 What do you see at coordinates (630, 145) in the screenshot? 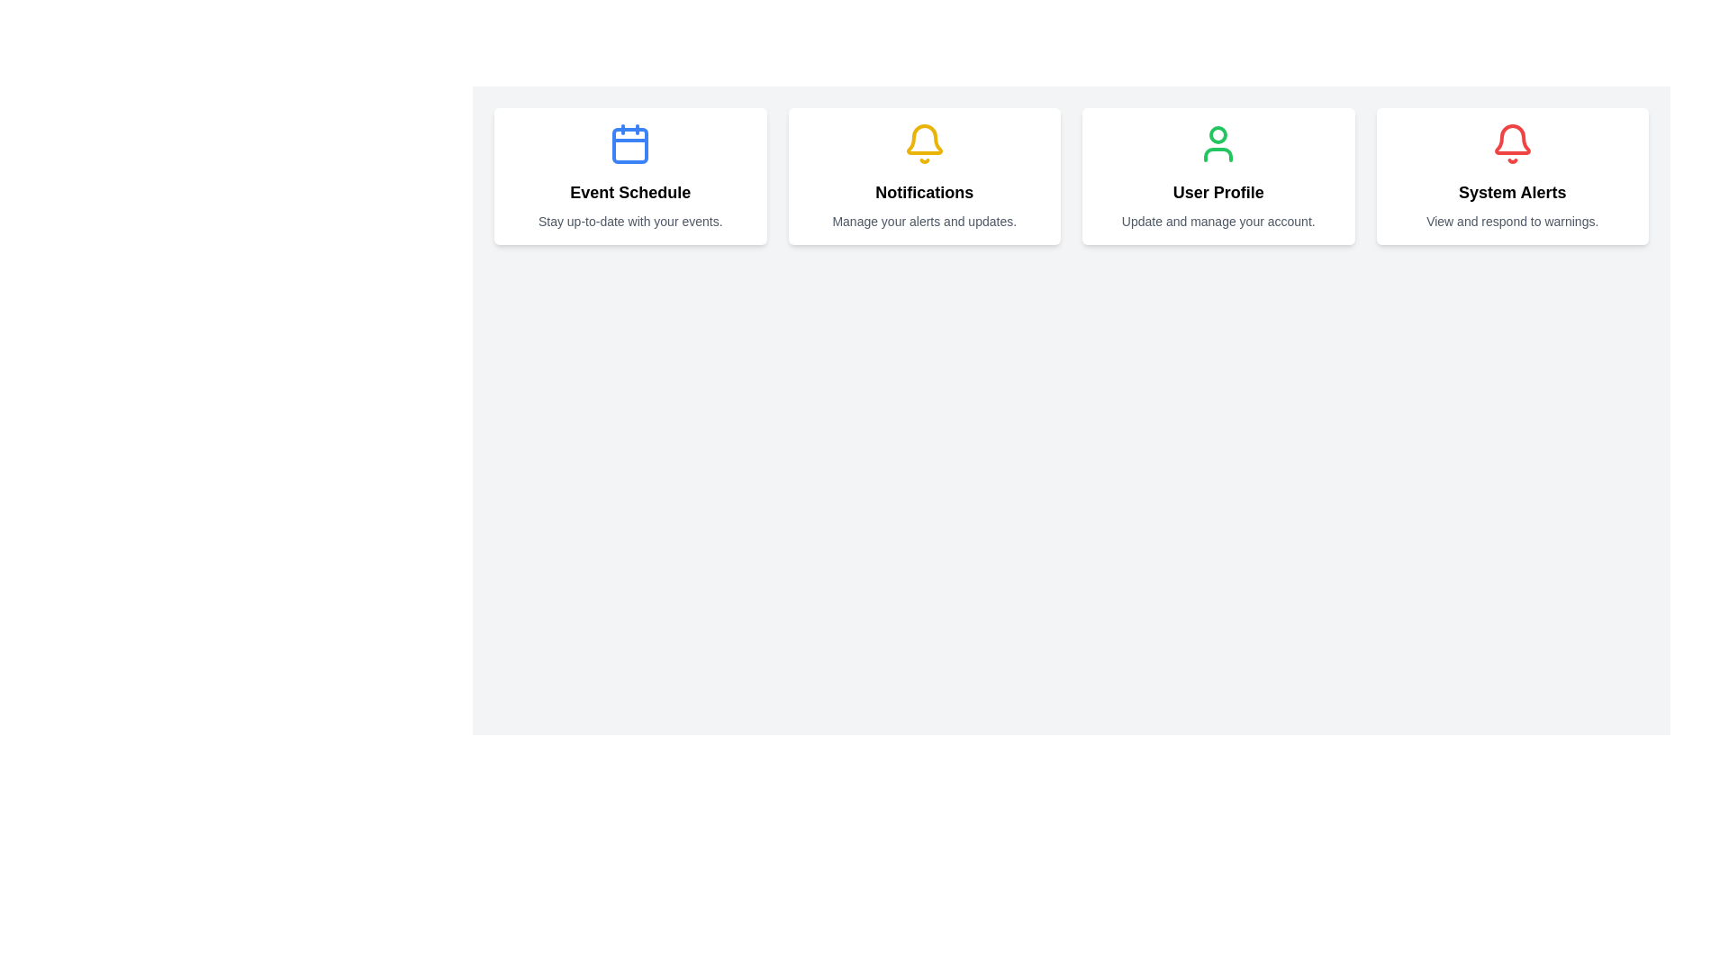
I see `the calendar block SVG rectangle in the 'Event Schedule' interface, located in the first row, first column of the grid layout` at bounding box center [630, 145].